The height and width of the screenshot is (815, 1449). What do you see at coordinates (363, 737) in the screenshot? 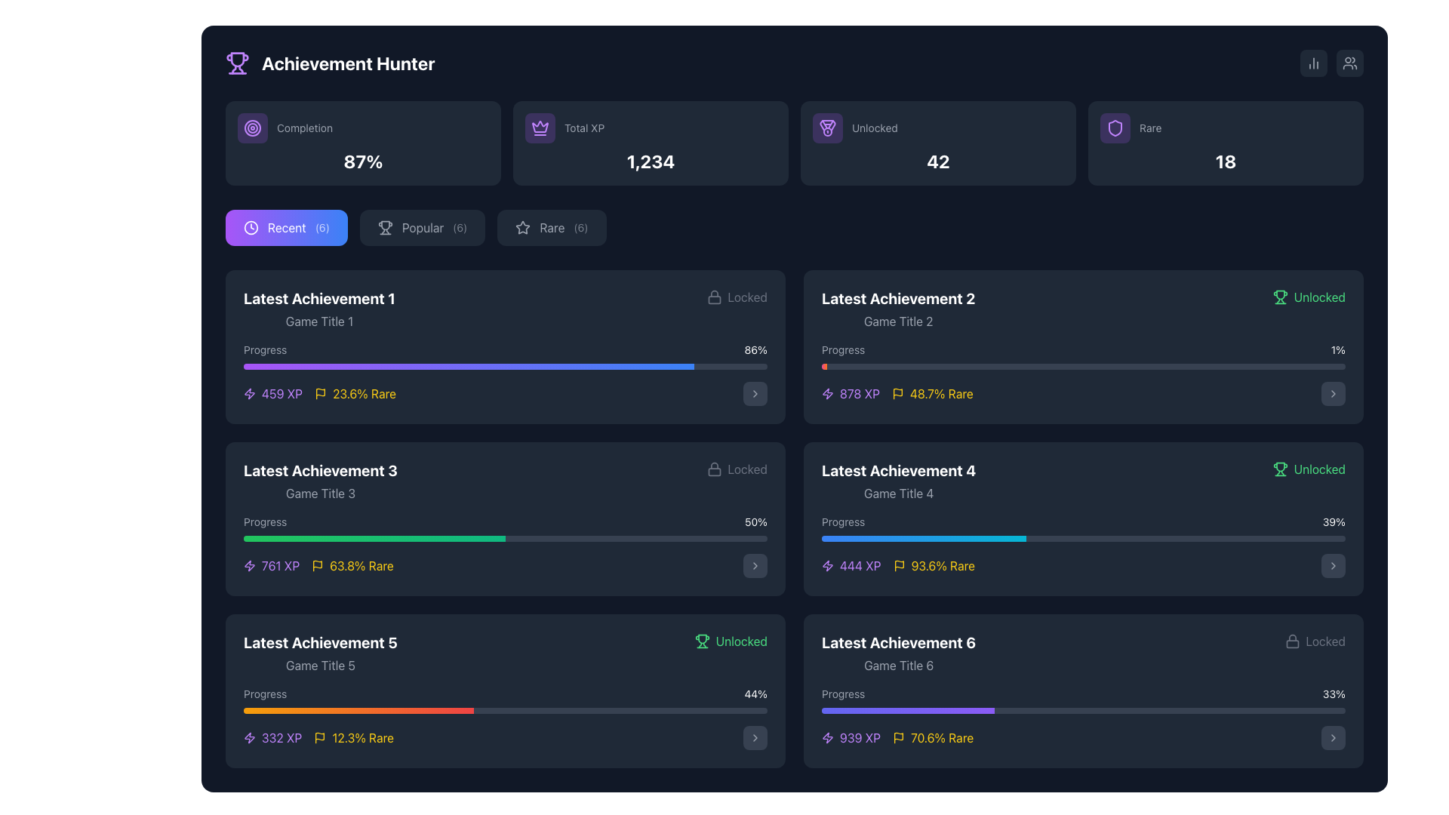
I see `the text label displaying '12.3% Rare' in yellow color, located in the 'Latest Achievement 5' section, positioned below the progress bar and to the right of the XP indicator` at bounding box center [363, 737].